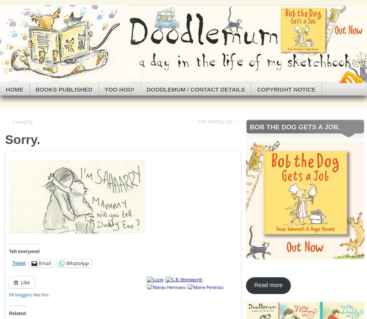 Image resolution: width=367 pixels, height=319 pixels. What do you see at coordinates (119, 89) in the screenshot?
I see `'Yoo Hoo!'` at bounding box center [119, 89].